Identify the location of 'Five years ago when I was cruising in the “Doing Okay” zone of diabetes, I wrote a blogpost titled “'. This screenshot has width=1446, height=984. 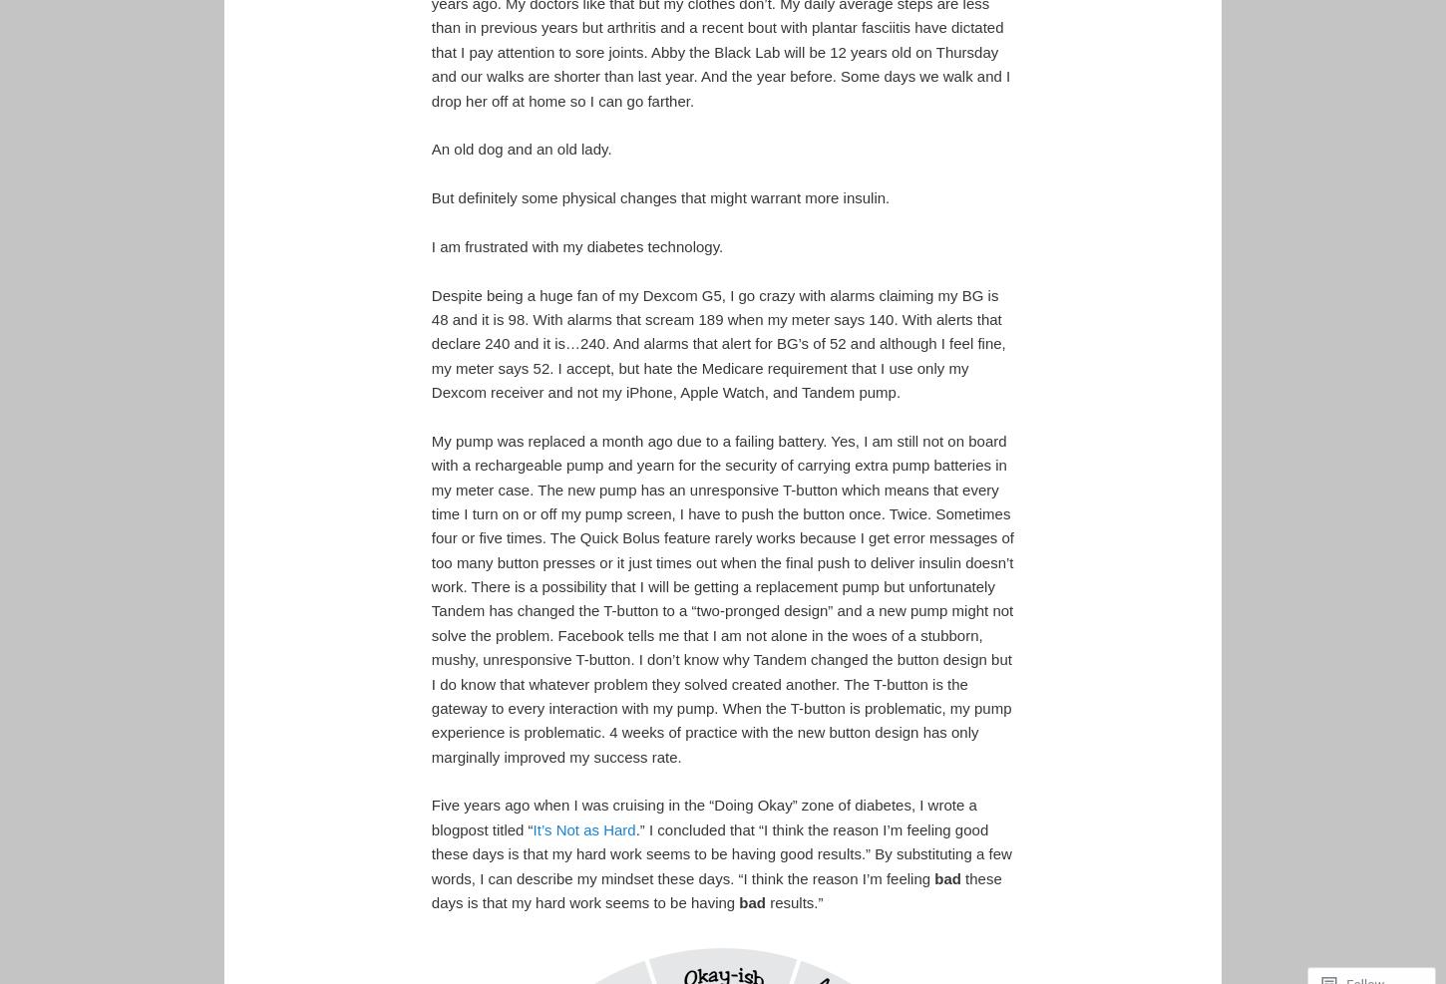
(702, 817).